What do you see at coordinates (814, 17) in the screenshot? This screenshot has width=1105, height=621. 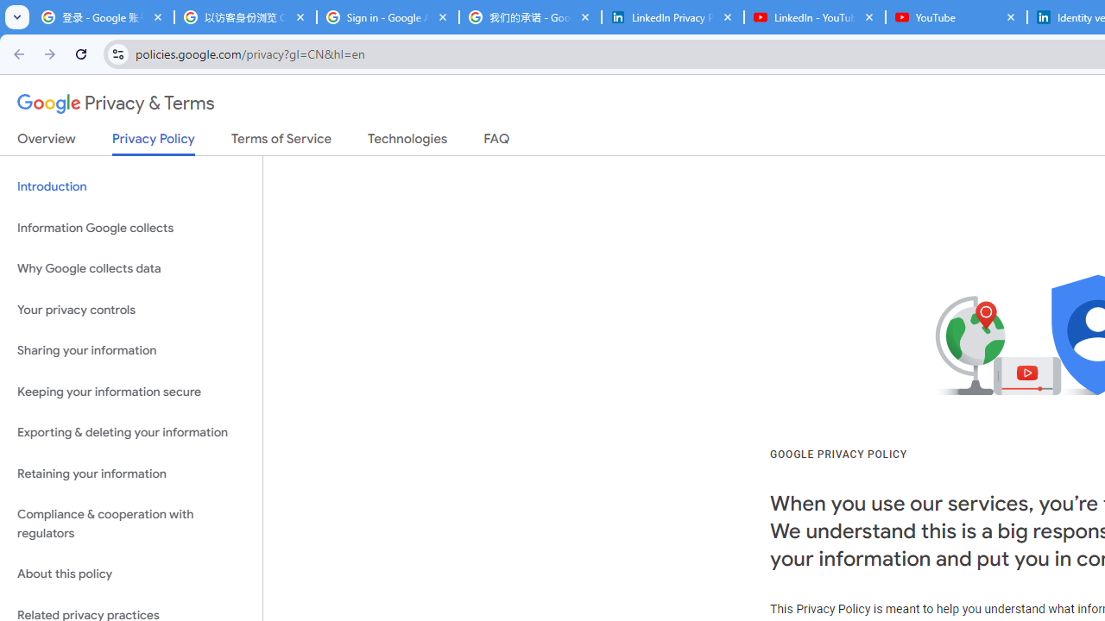 I see `'LinkedIn - YouTube'` at bounding box center [814, 17].